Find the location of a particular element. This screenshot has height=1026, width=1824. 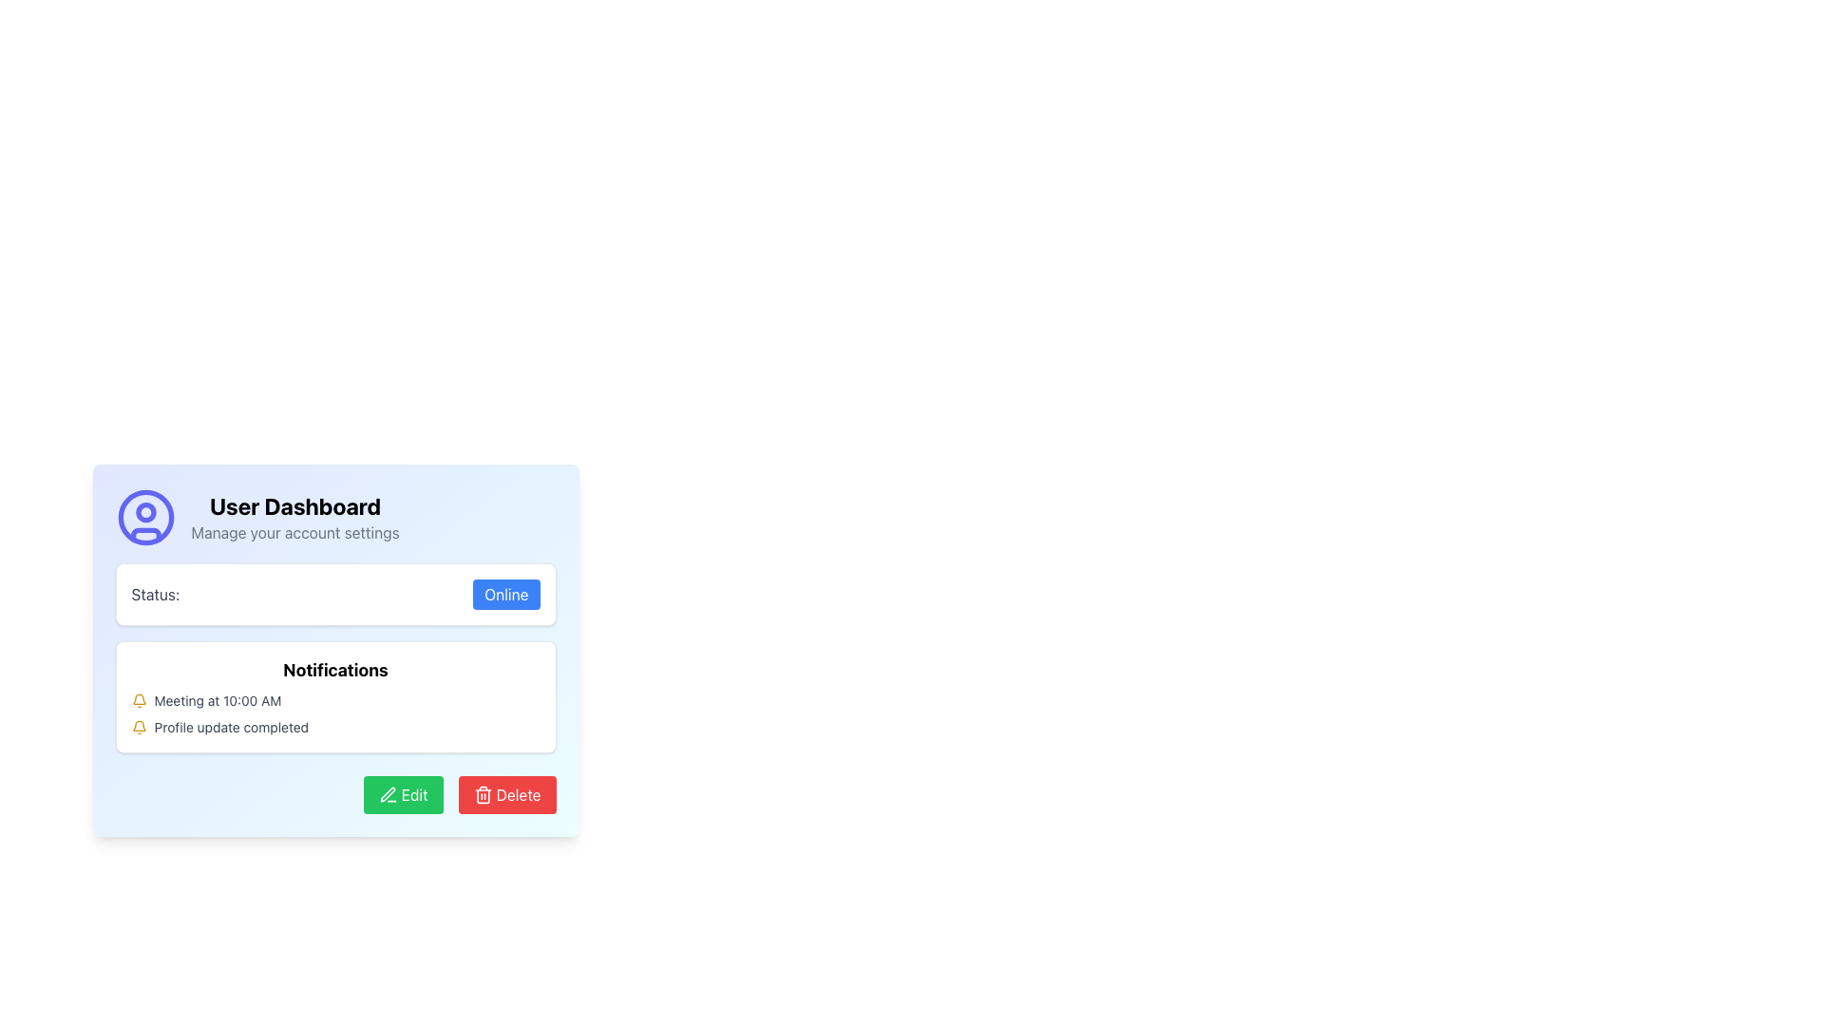

the profile icon in the header of the user dashboard for profile-related actions is located at coordinates (335, 517).